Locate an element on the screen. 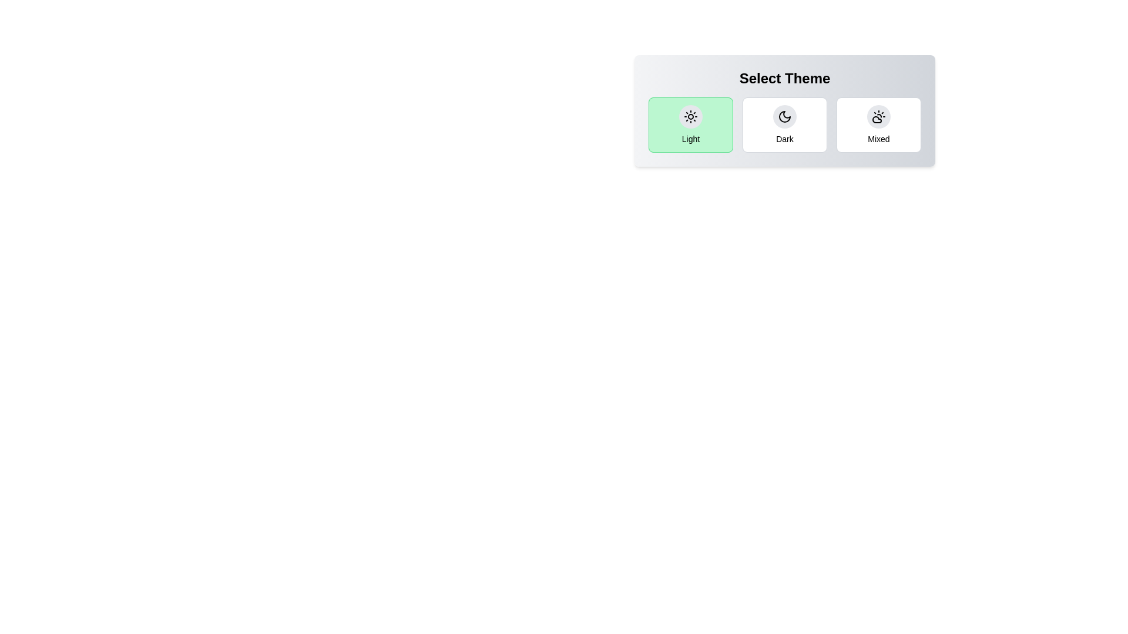 The height and width of the screenshot is (634, 1128). the theme icon corresponding to Mixed is located at coordinates (879, 117).